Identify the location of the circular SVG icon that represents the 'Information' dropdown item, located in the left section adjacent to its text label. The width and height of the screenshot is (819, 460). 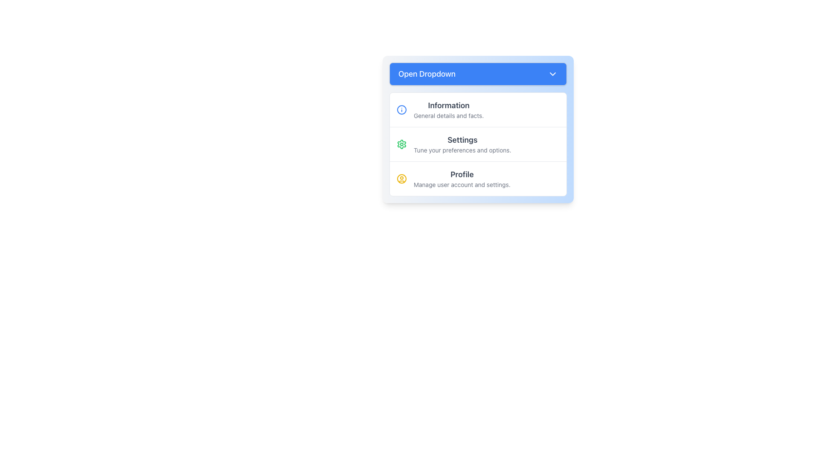
(401, 109).